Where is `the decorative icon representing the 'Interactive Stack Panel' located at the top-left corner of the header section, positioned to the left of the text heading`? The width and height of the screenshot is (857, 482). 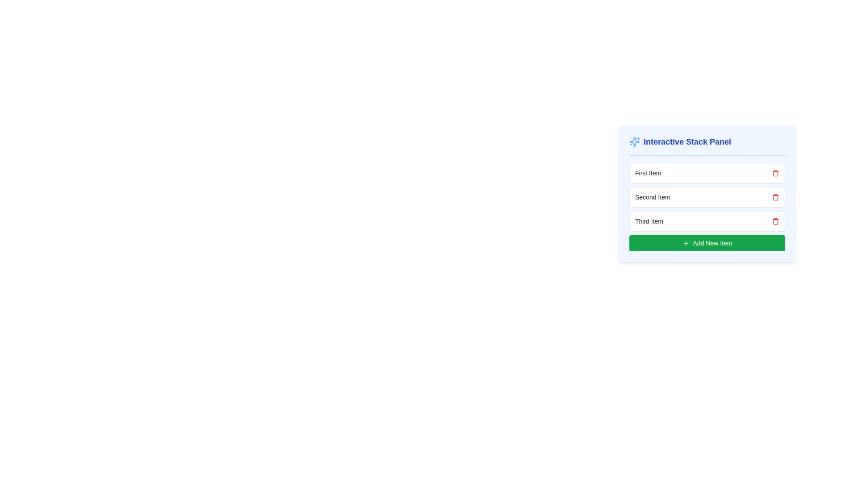 the decorative icon representing the 'Interactive Stack Panel' located at the top-left corner of the header section, positioned to the left of the text heading is located at coordinates (634, 141).